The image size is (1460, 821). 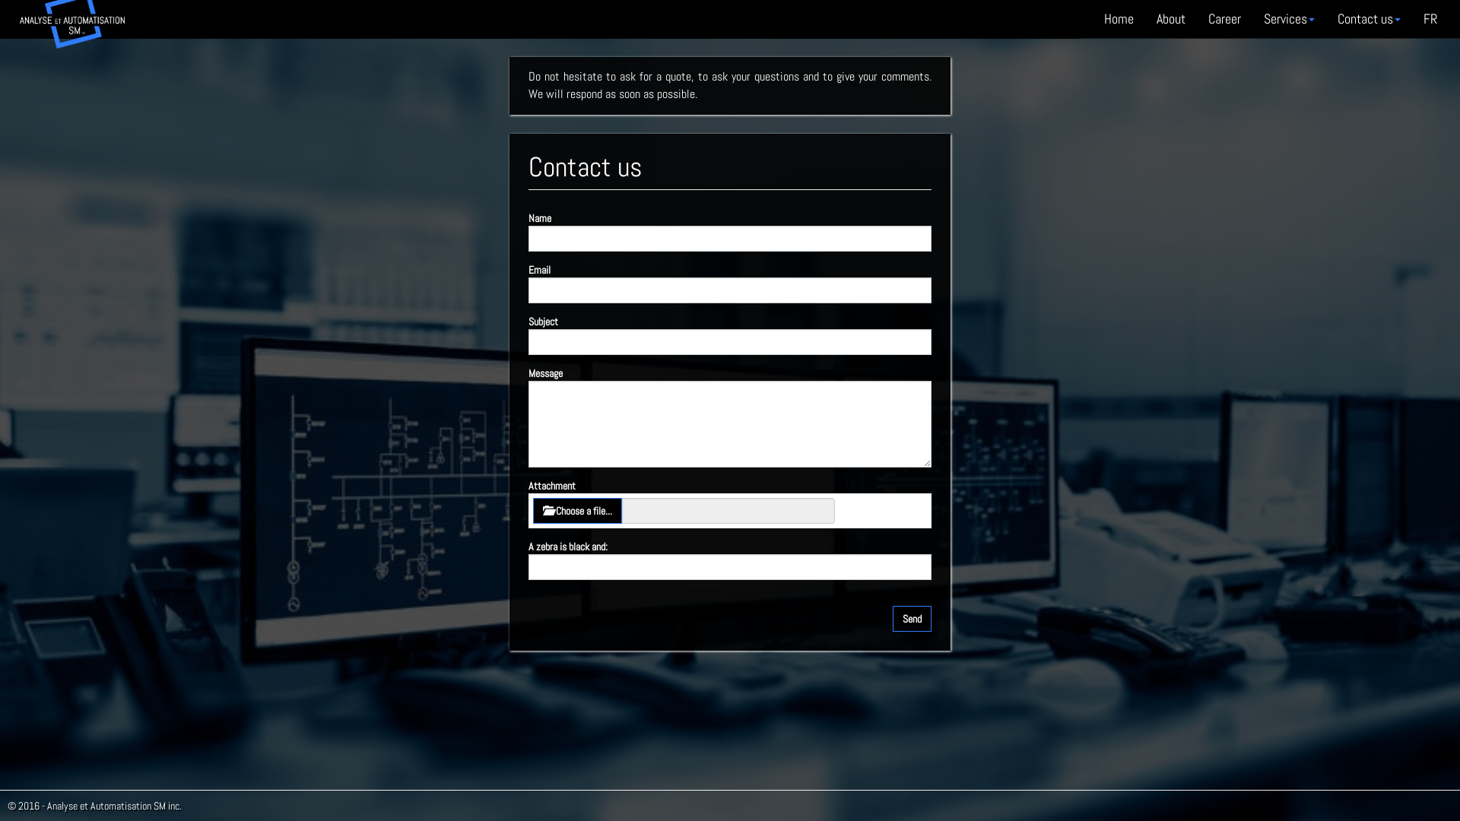 I want to click on 'FR', so click(x=1430, y=18).